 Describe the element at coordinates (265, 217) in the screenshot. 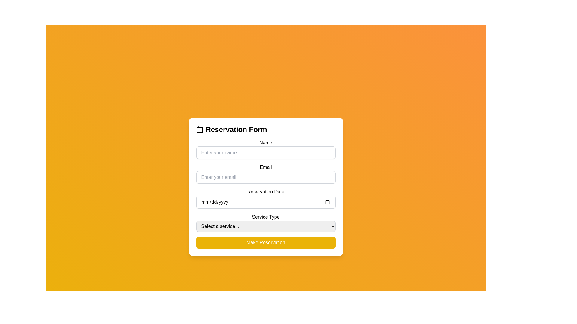

I see `the third label in the form that indicates the purpose of the dropdown menu for selecting a specific service type, located above the dropdown labeled 'Select a service...'` at that location.